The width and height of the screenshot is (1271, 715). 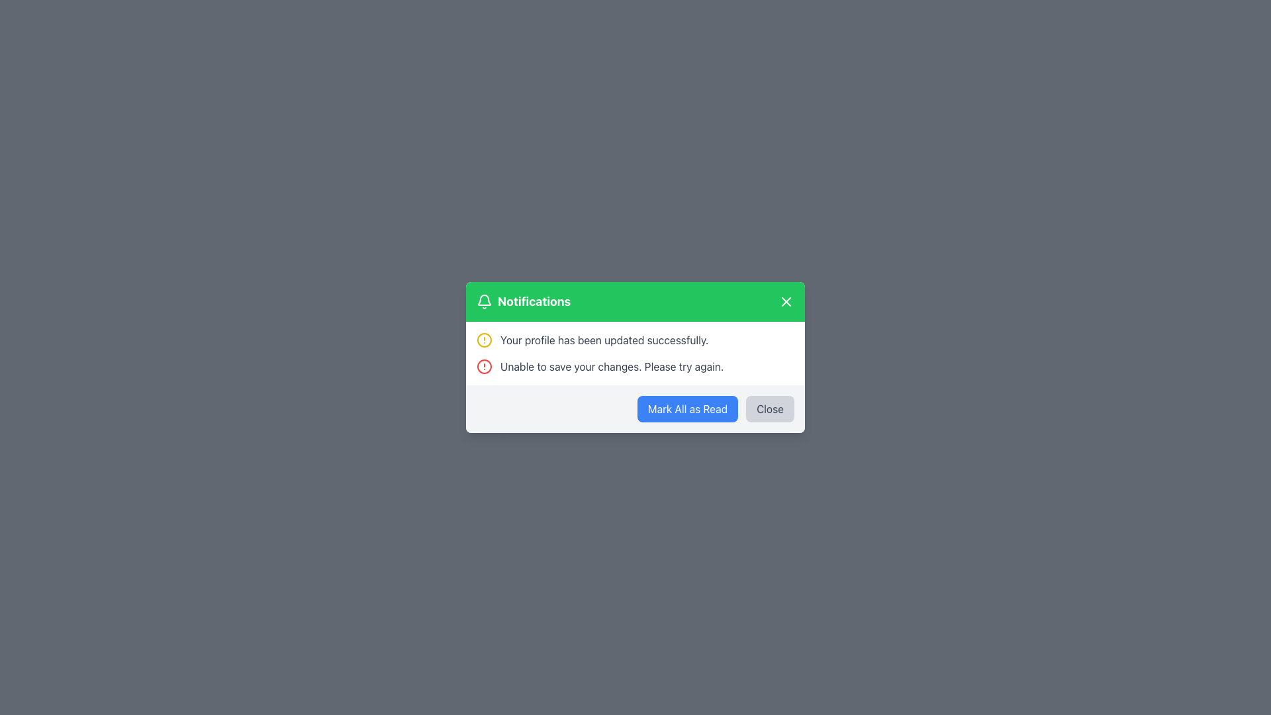 What do you see at coordinates (611, 367) in the screenshot?
I see `error message text label indicating a failed save operation located in the lower section of the notification pop-up dialog, positioned to the right of the red circular alert icon` at bounding box center [611, 367].